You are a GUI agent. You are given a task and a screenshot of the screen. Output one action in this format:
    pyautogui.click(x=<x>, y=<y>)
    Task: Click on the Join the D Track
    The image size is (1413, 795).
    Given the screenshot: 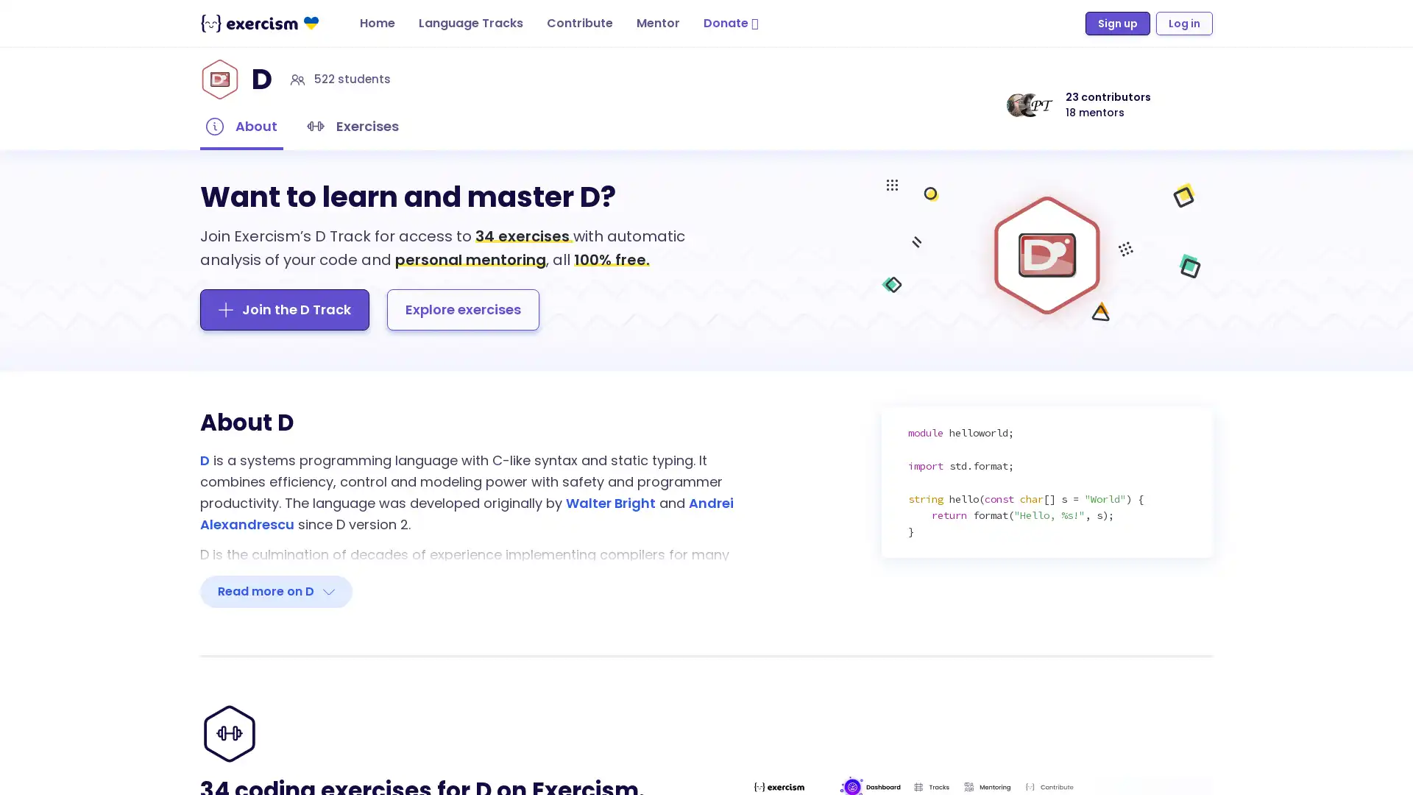 What is the action you would take?
    pyautogui.click(x=285, y=308)
    